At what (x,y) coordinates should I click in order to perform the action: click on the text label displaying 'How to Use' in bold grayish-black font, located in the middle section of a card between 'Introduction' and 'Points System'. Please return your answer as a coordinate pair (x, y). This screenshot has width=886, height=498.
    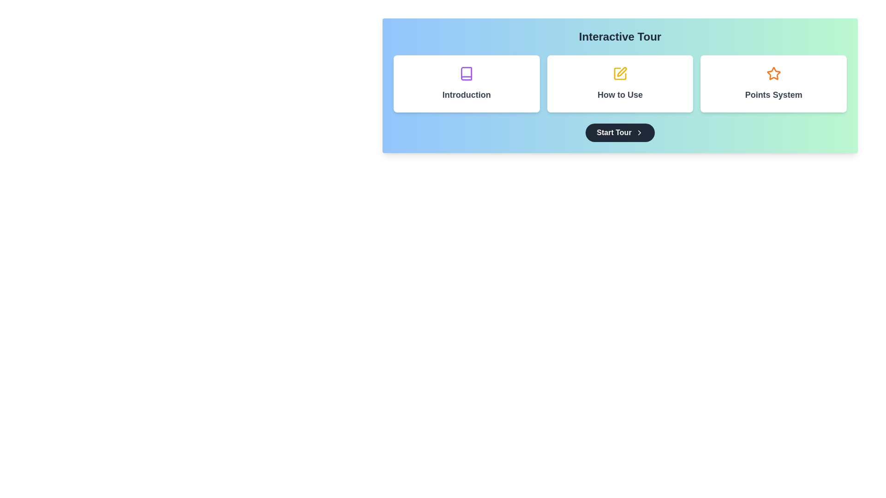
    Looking at the image, I should click on (620, 95).